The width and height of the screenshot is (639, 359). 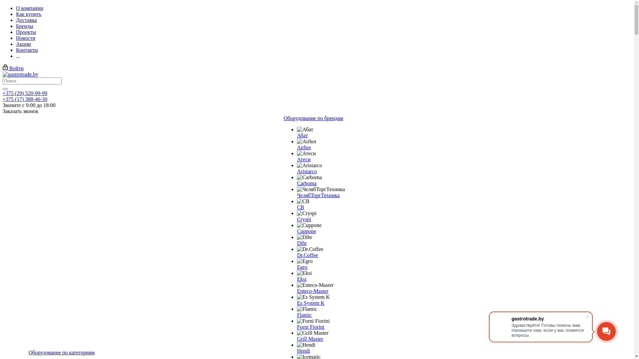 What do you see at coordinates (301, 243) in the screenshot?
I see `'Dihr'` at bounding box center [301, 243].